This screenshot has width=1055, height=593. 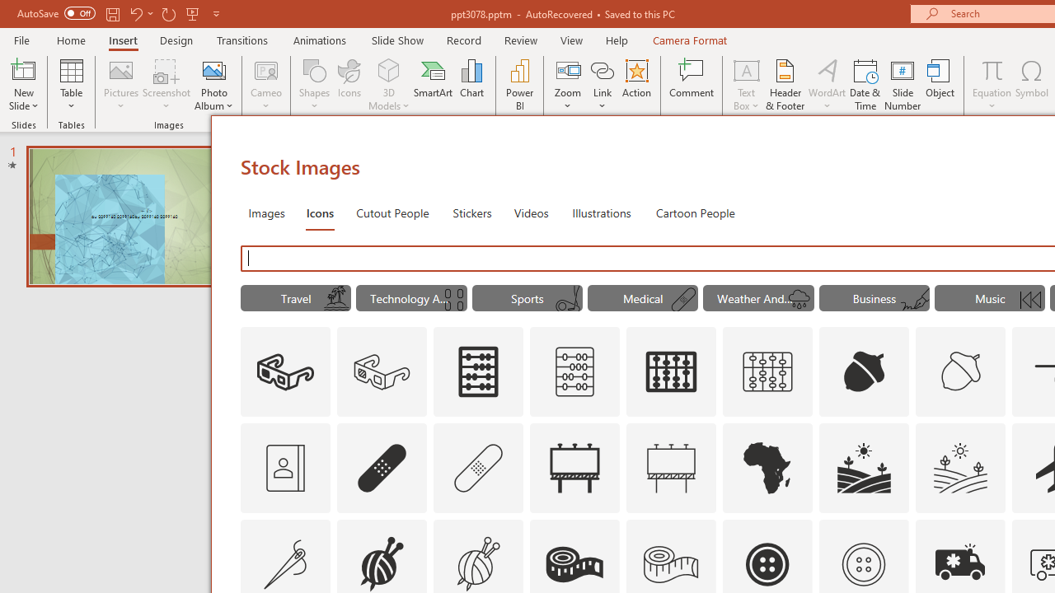 I want to click on 'SmartArt...', so click(x=434, y=85).